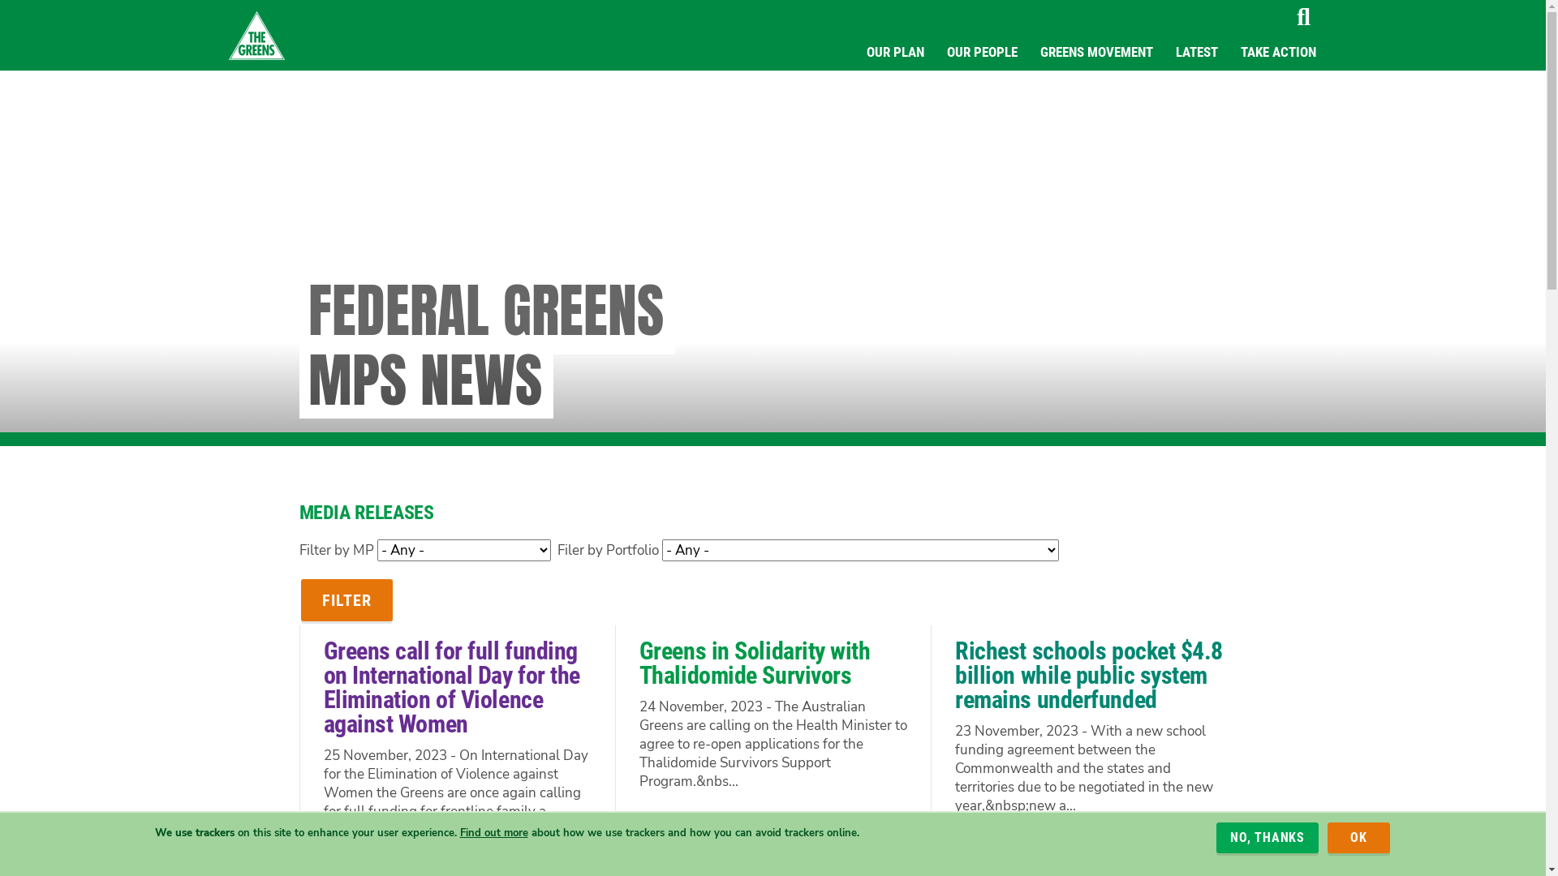 This screenshot has width=1558, height=876. What do you see at coordinates (493, 832) in the screenshot?
I see `'Find out more'` at bounding box center [493, 832].